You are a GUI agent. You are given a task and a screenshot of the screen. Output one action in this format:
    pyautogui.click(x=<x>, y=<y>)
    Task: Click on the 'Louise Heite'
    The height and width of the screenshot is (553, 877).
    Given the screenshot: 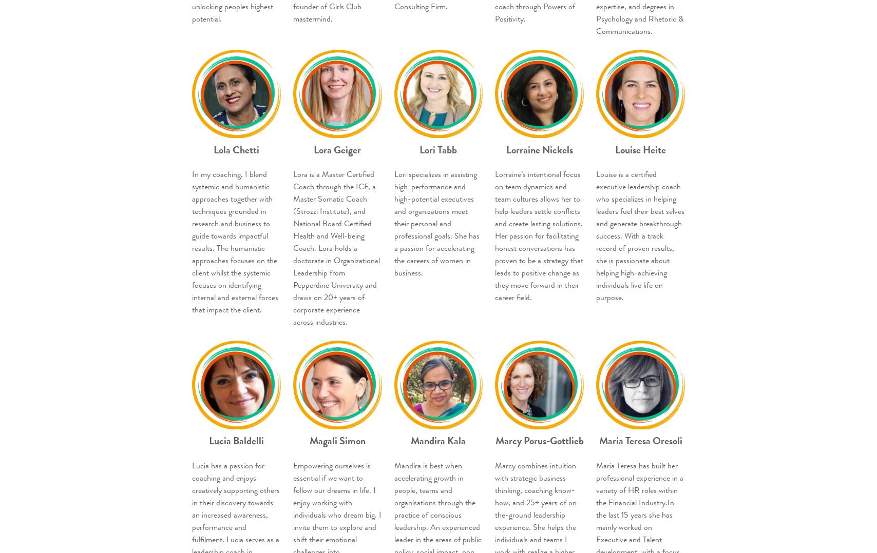 What is the action you would take?
    pyautogui.click(x=640, y=149)
    